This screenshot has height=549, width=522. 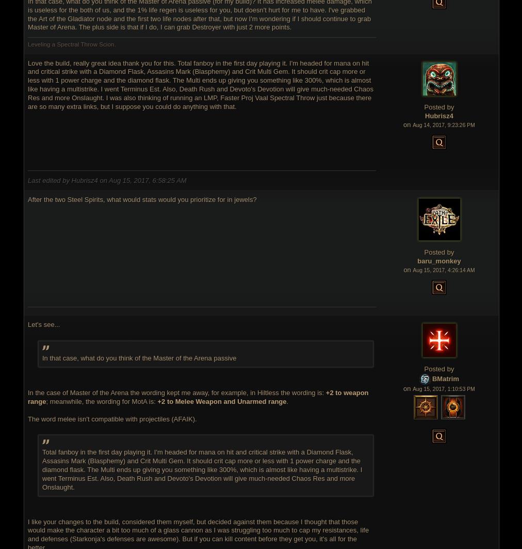 What do you see at coordinates (200, 85) in the screenshot?
I see `'Love the build, really great idea thank you for this. Total fanboy in the first day playing it. I'm headed for mana on hit and critical strike with a Diamond Flask, Assasins Mark (Blasphemy) and Crit Multi Gem.  It should crit cap more or less with 1 power charge and the diamond flask. The Multi ends up giving you something like 300%, which is almost like having a multistrike. I went Terminus Est. Also, Death Rush and Devoto's Devotion will give much-needed Chaos Res and more Onslaught. I was also thinking of running an LMP, Faster Proj Vaal Spectral Throw just because there are so many extra links, but I suppose you could do anything with that.'` at bounding box center [200, 85].